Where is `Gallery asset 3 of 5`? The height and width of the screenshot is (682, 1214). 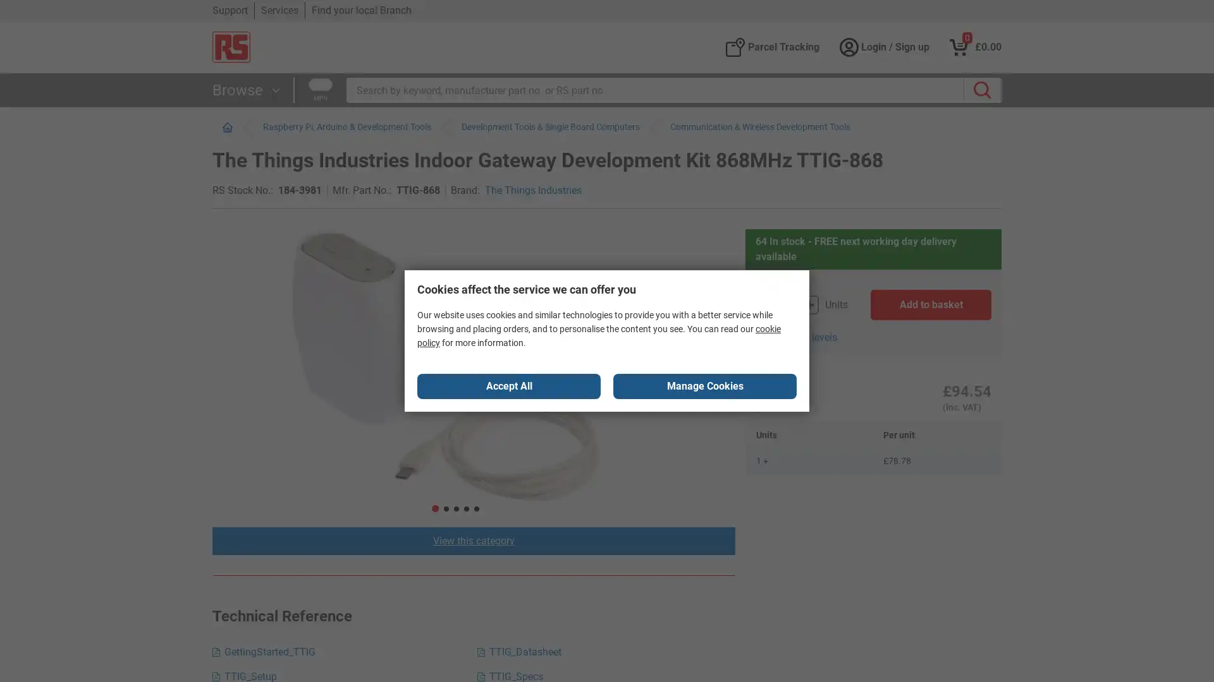 Gallery asset 3 of 5 is located at coordinates (248, 397).